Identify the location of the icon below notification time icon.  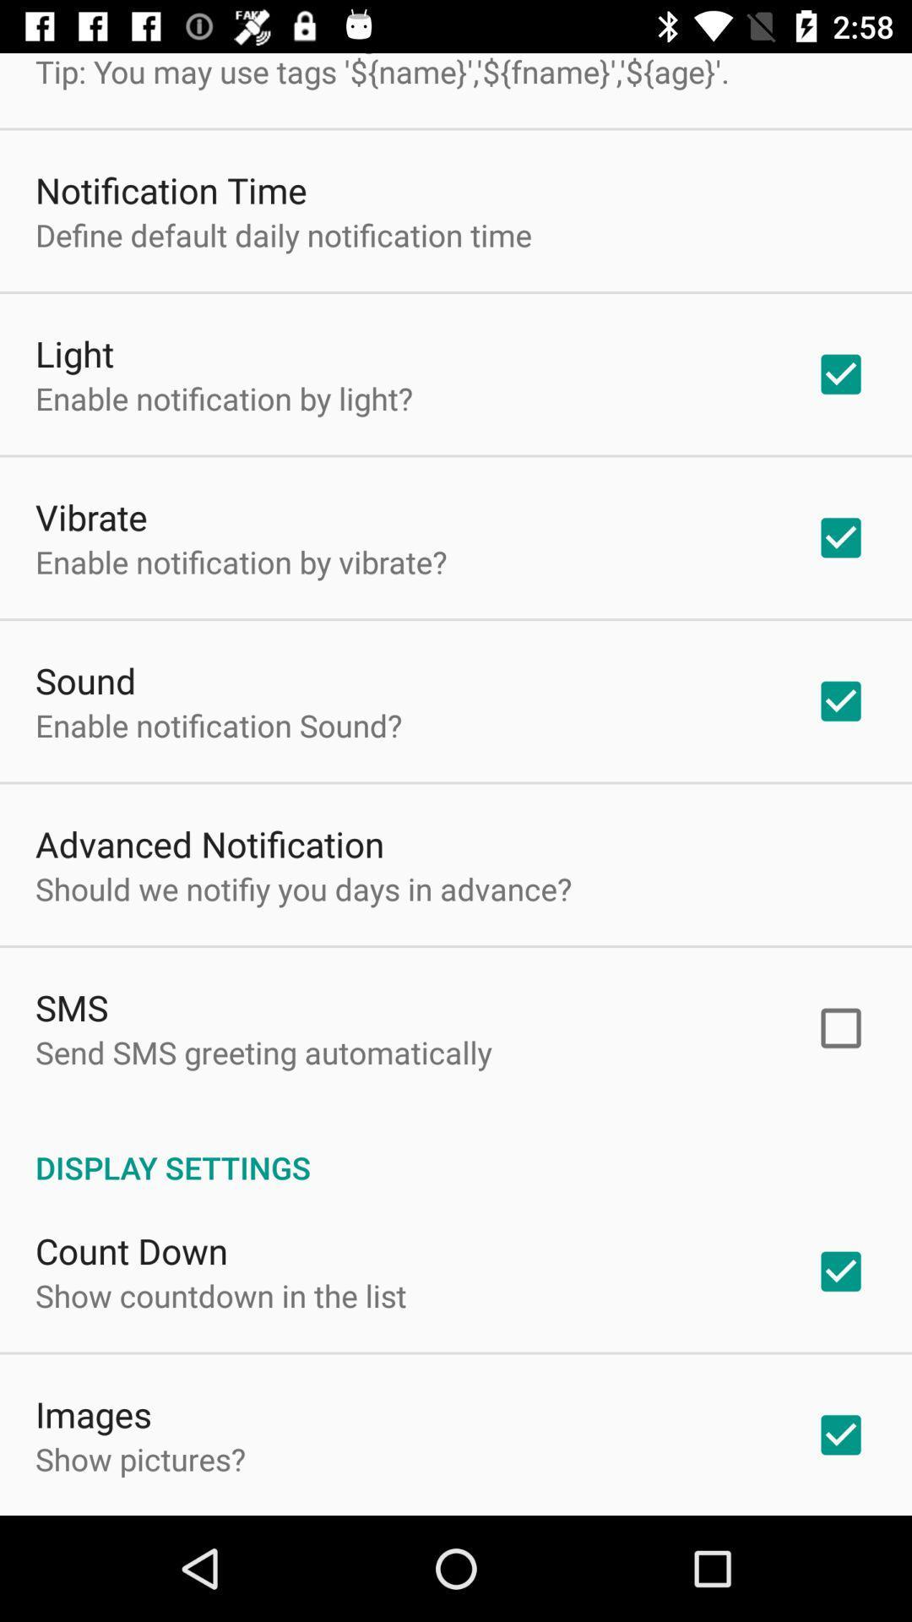
(282, 234).